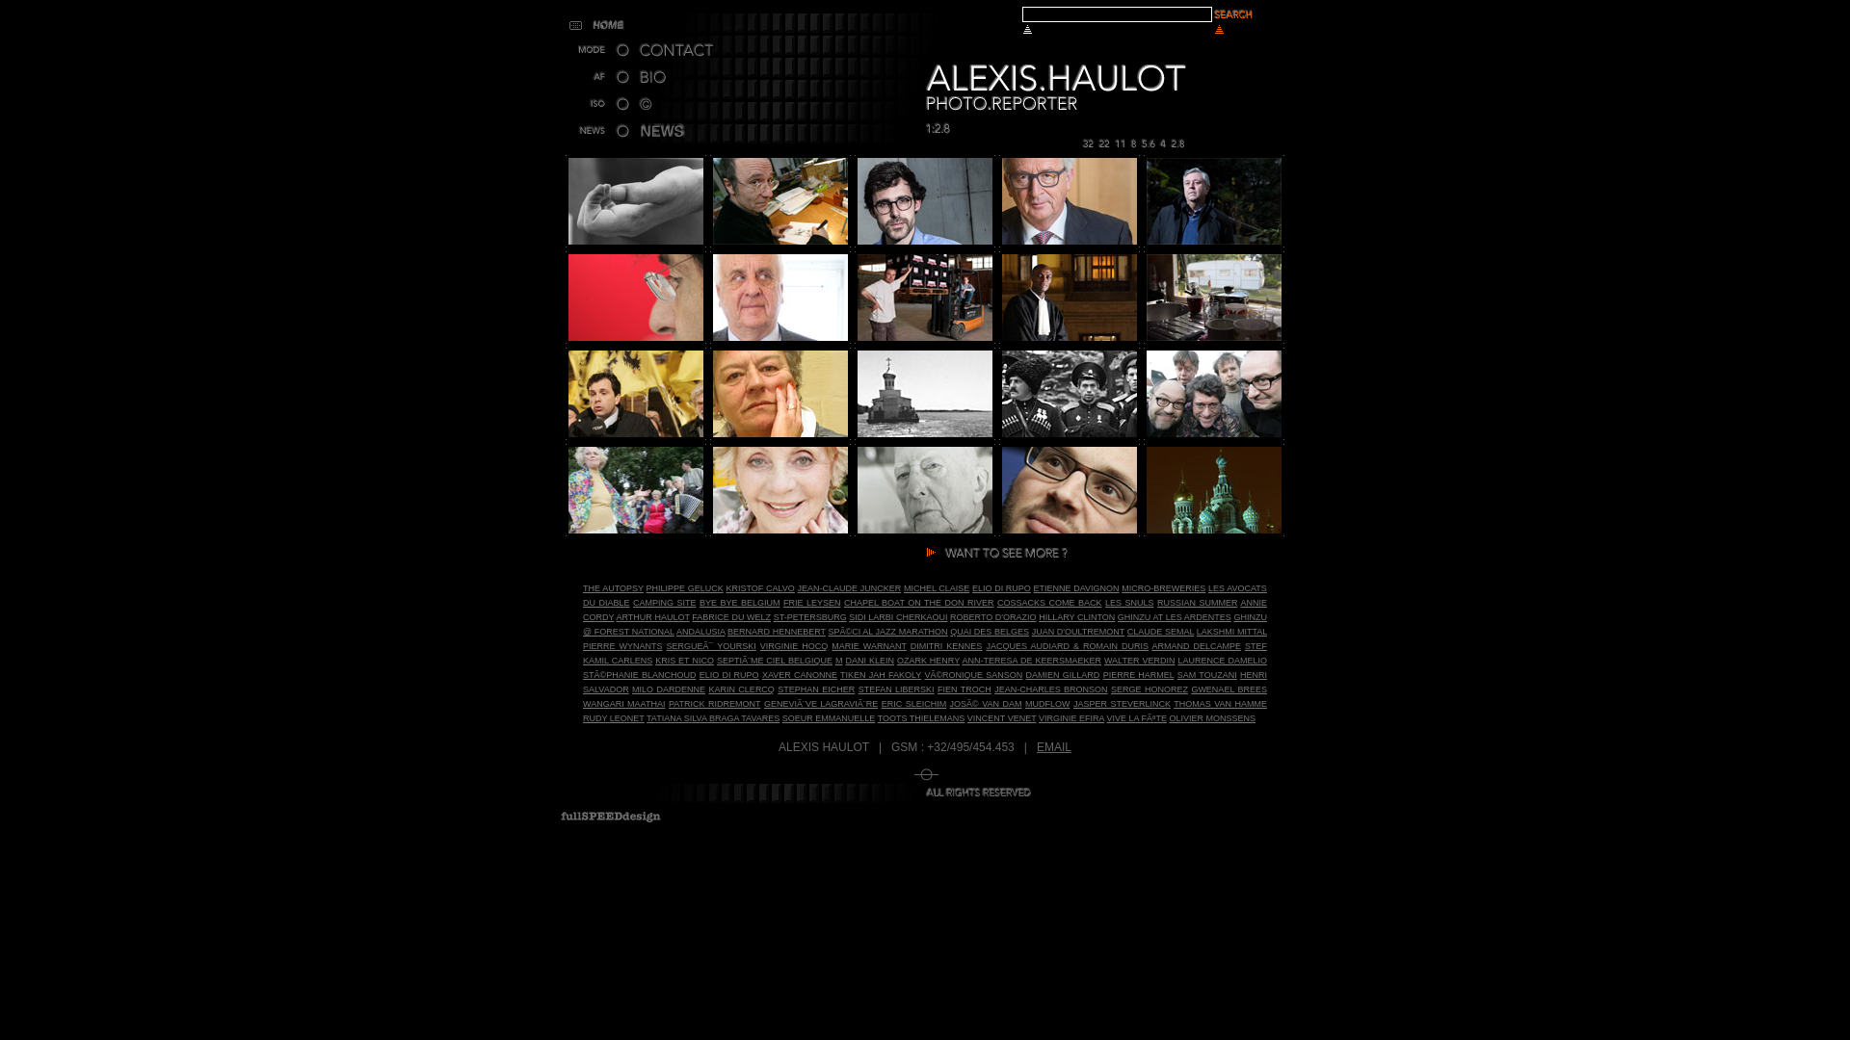 This screenshot has width=1850, height=1040. I want to click on 'JUAN D'OULTREMONT', so click(1077, 631).